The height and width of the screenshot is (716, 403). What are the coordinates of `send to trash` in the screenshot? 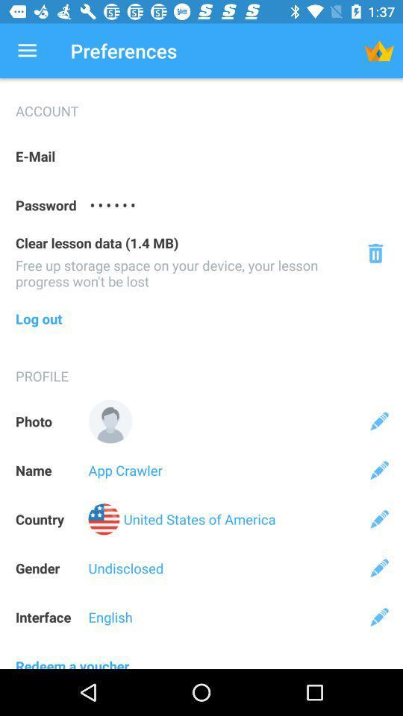 It's located at (375, 253).